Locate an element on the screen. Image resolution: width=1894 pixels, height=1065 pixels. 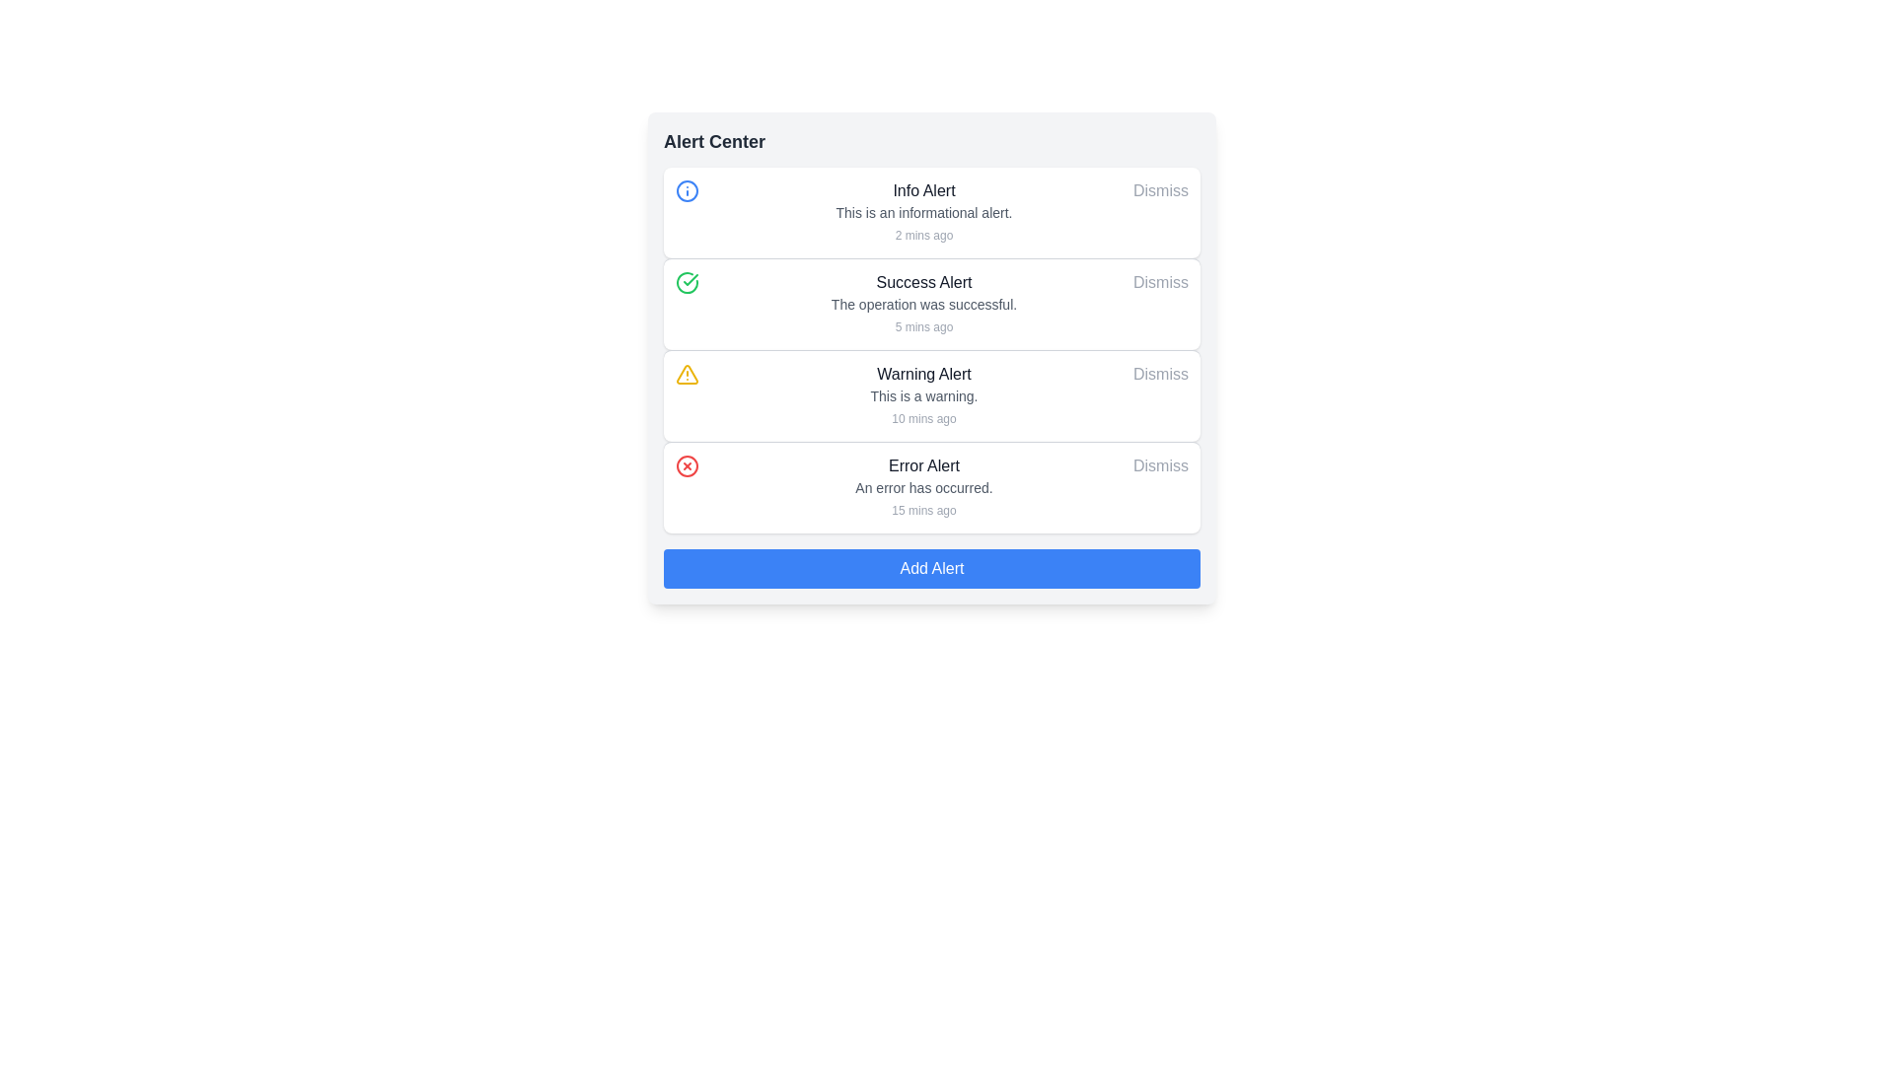
the semi-circular shape that forms part of the checkmark icon inside the 'Success Alert' row in the 'Alert Center' is located at coordinates (687, 282).